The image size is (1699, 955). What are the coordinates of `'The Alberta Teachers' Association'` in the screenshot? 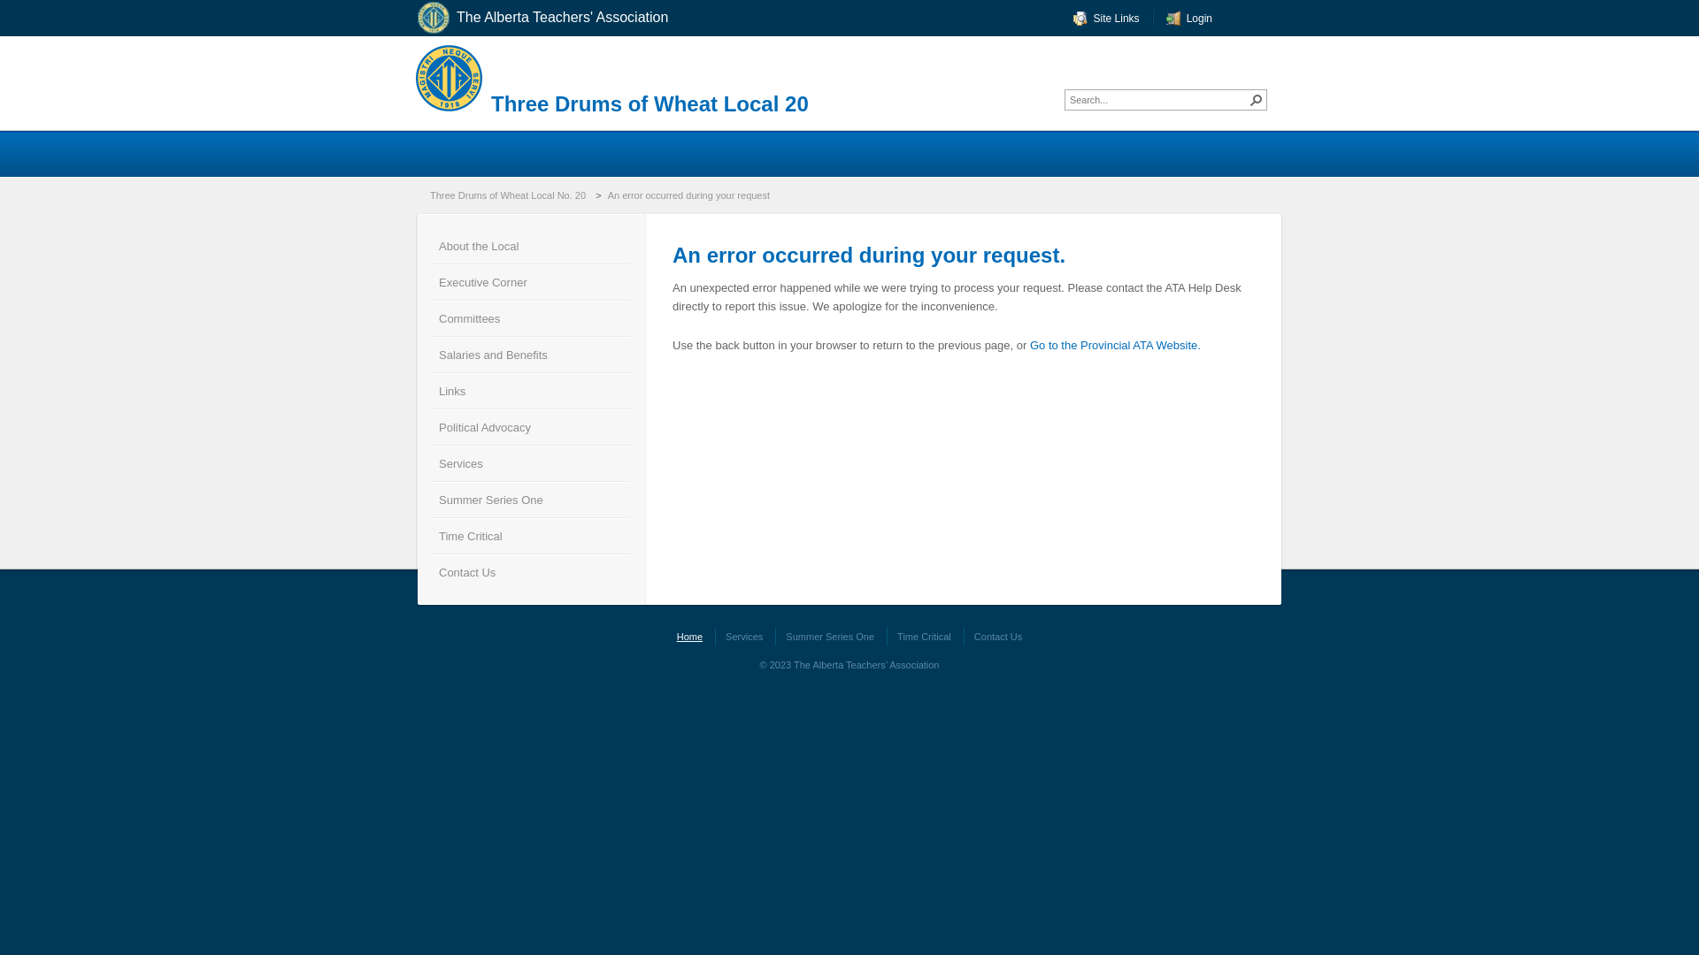 It's located at (554, 18).